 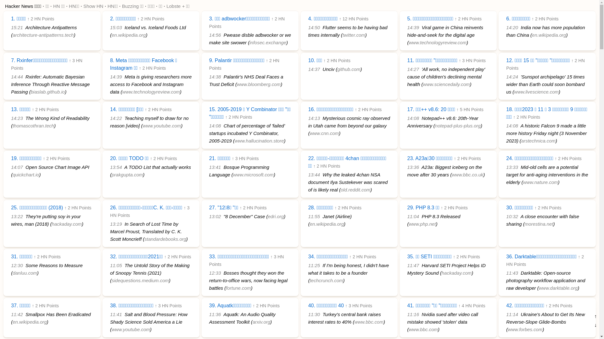 What do you see at coordinates (407, 216) in the screenshot?
I see `'11:04'` at bounding box center [407, 216].